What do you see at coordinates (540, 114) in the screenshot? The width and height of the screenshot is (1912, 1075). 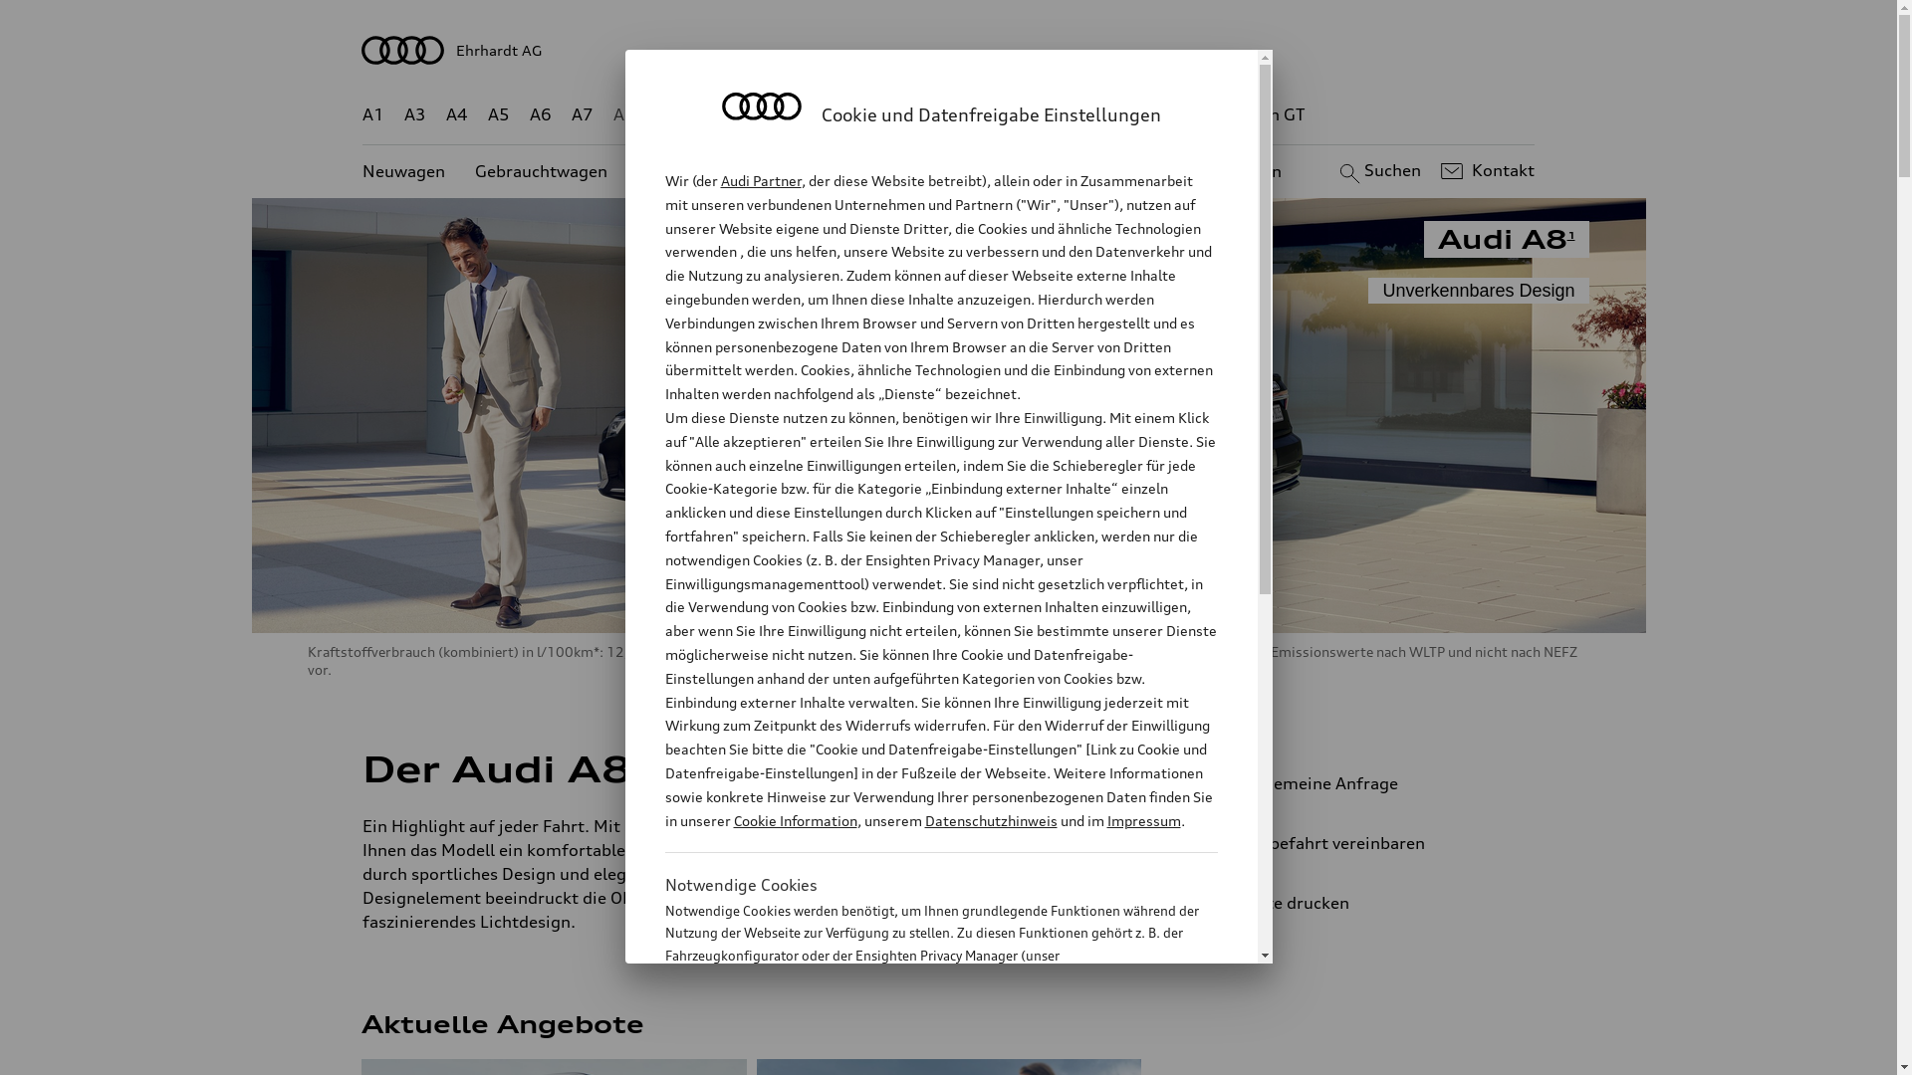 I see `'A6'` at bounding box center [540, 114].